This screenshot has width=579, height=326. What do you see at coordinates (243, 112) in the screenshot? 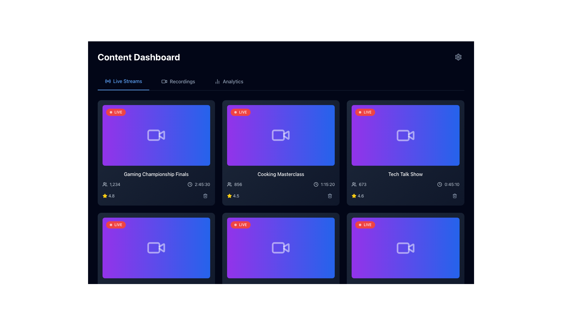
I see `text content of the 'LIVE' badge located at the top-left corner of the second video card in the first row, which is styled in white uppercase letters against a red rectangular background` at bounding box center [243, 112].